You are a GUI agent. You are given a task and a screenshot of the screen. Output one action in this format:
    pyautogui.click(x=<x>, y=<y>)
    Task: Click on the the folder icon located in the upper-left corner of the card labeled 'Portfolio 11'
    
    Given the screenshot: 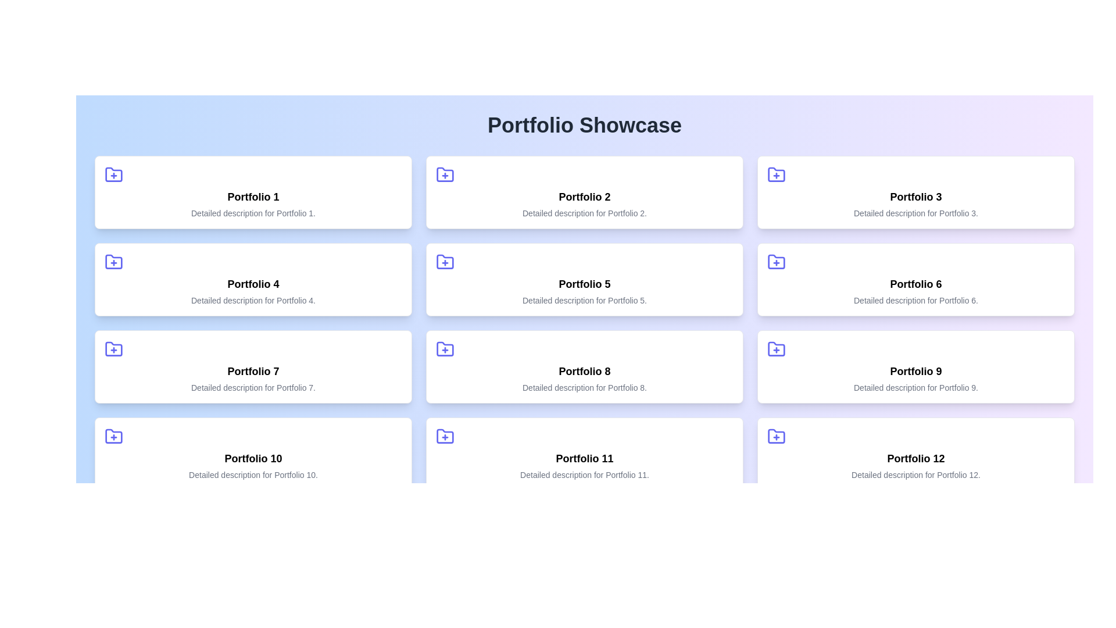 What is the action you would take?
    pyautogui.click(x=445, y=437)
    